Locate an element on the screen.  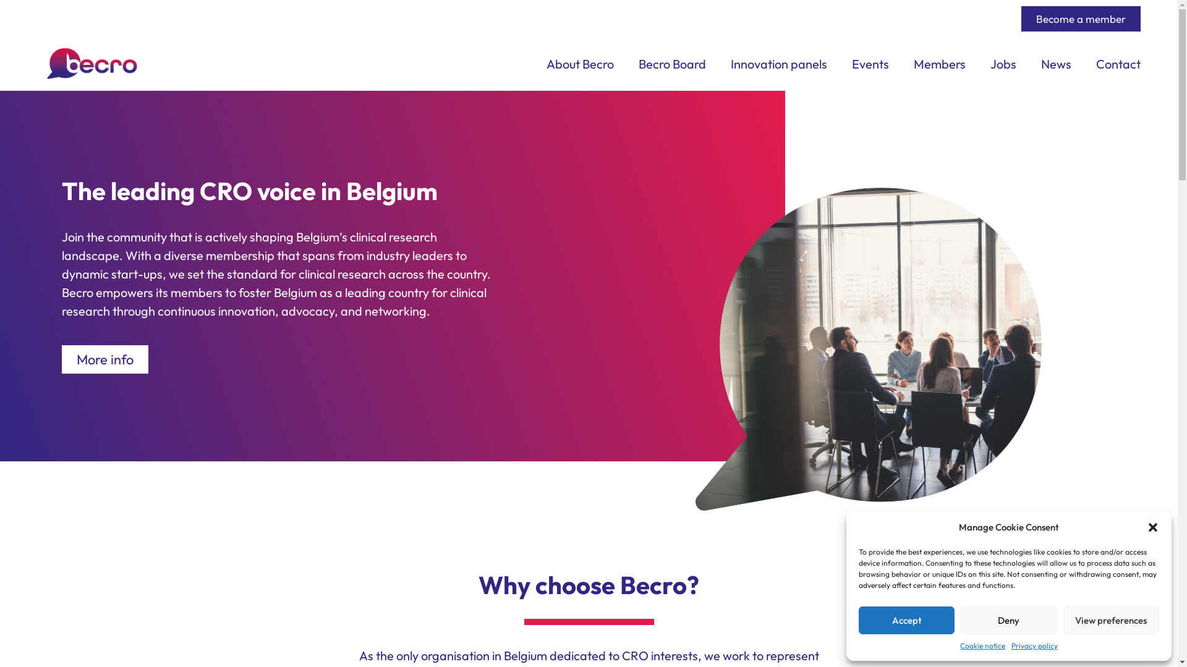
'Cookie notice' is located at coordinates (982, 645).